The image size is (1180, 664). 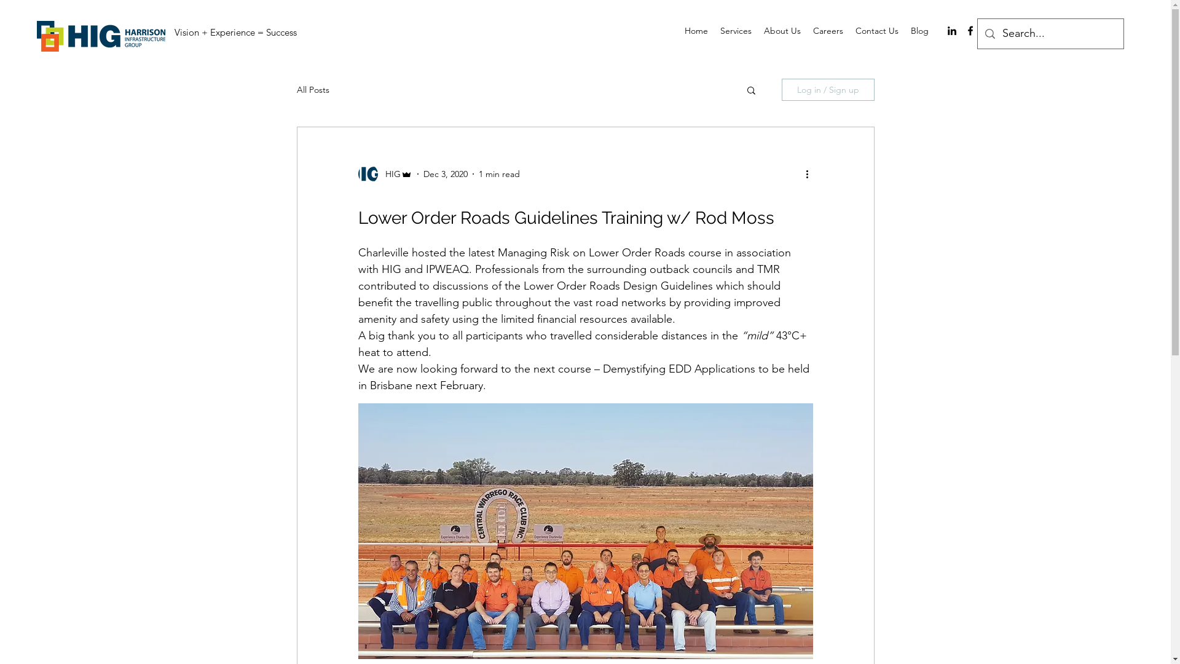 What do you see at coordinates (696, 30) in the screenshot?
I see `'Home'` at bounding box center [696, 30].